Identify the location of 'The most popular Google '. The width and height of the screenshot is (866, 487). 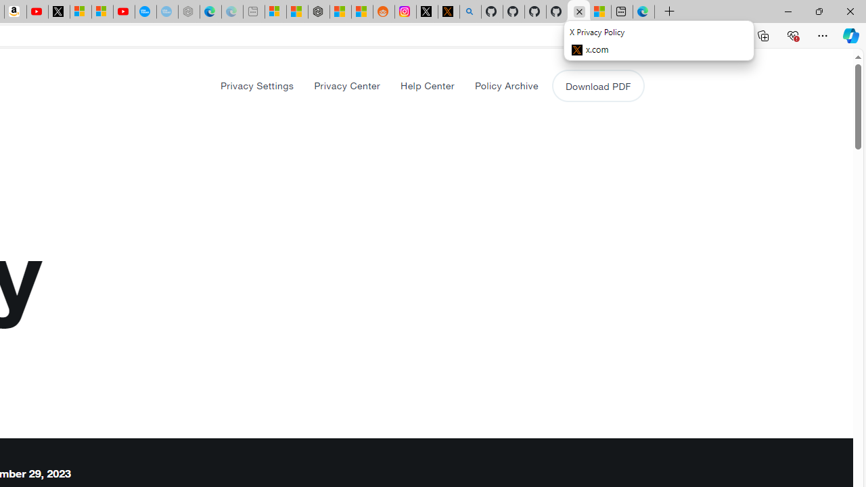
(166, 11).